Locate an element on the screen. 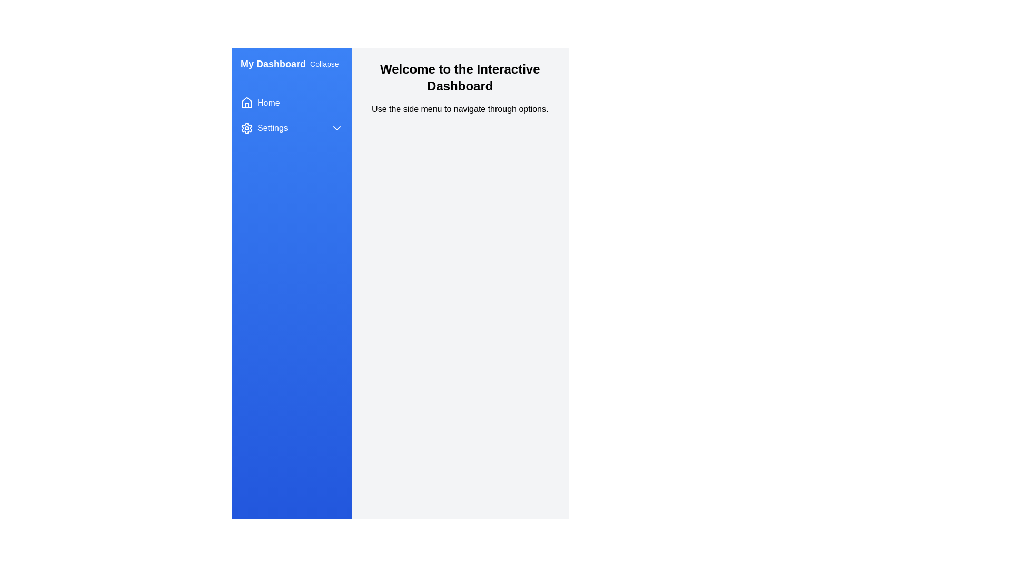  the settings navigation button located below the 'Home' button is located at coordinates (291, 127).